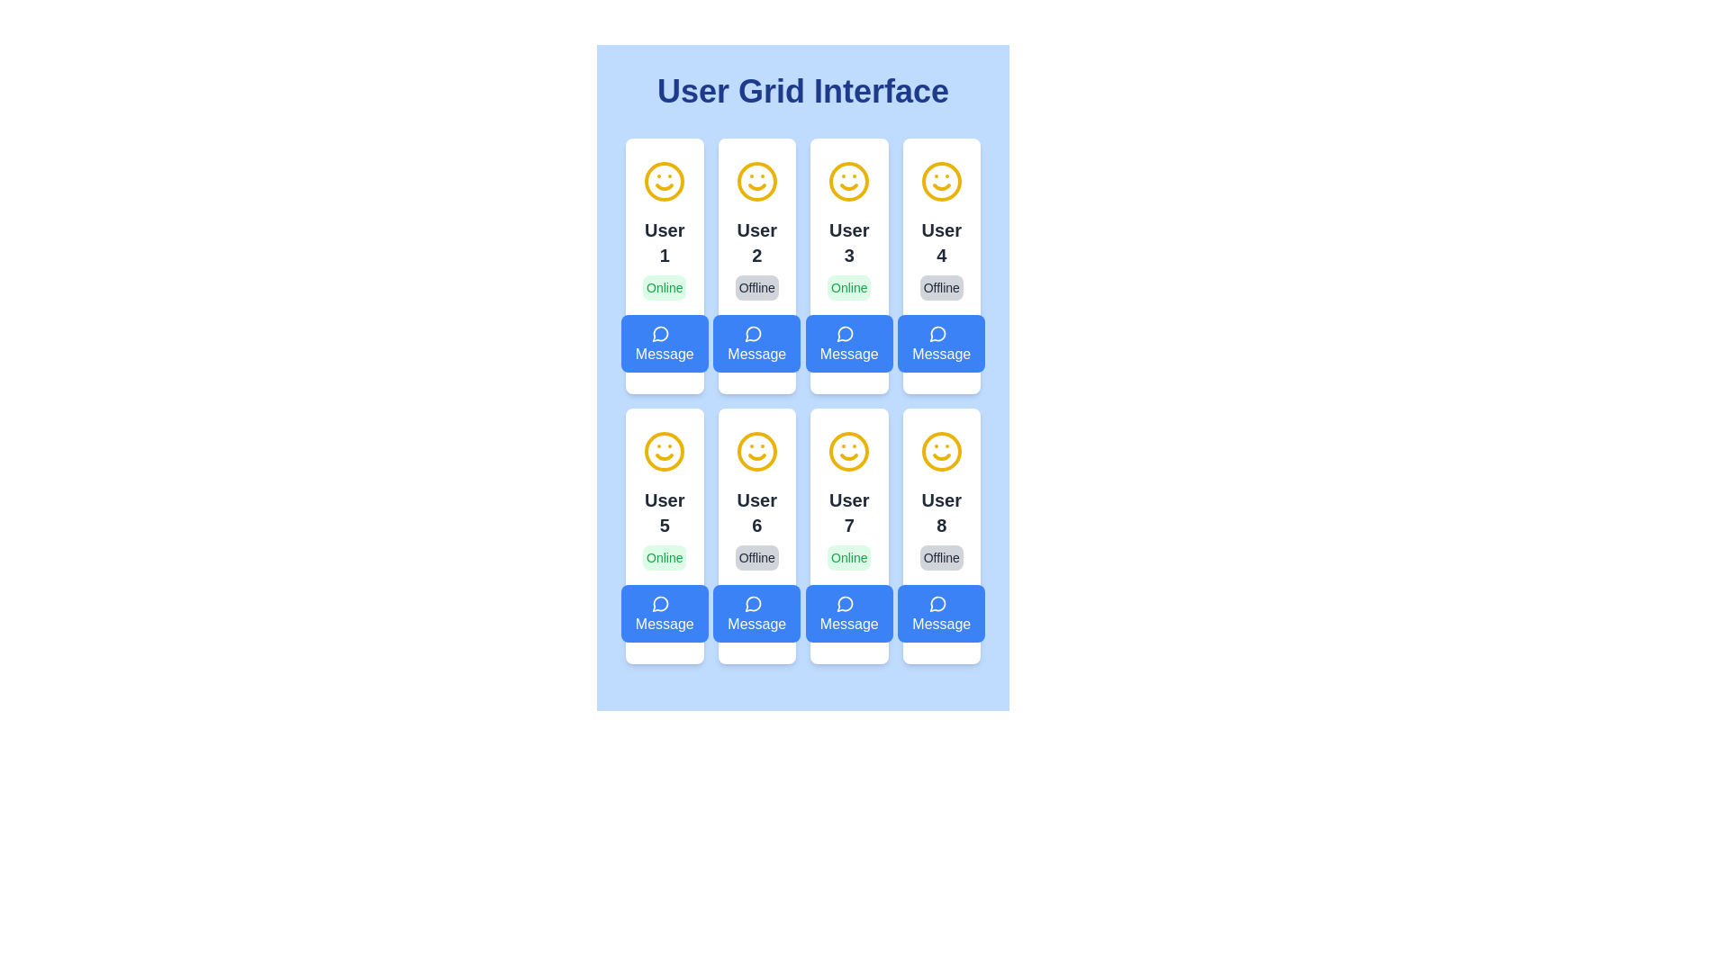 The height and width of the screenshot is (972, 1729). Describe the element at coordinates (756, 535) in the screenshot. I see `the Interactive user card or profile card located in the second row and second column of the grid, adjacent to 'User 5' on the left and 'User 7' on the right` at that location.